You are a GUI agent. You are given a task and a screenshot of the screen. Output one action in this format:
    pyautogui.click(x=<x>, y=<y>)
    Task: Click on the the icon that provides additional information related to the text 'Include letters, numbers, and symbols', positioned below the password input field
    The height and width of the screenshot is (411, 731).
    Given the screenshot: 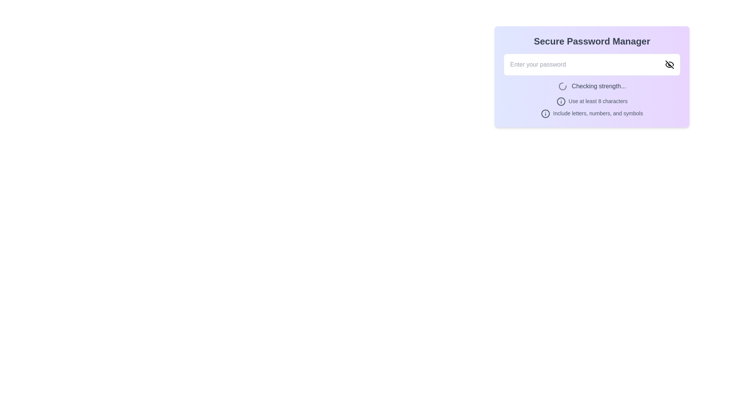 What is the action you would take?
    pyautogui.click(x=545, y=114)
    